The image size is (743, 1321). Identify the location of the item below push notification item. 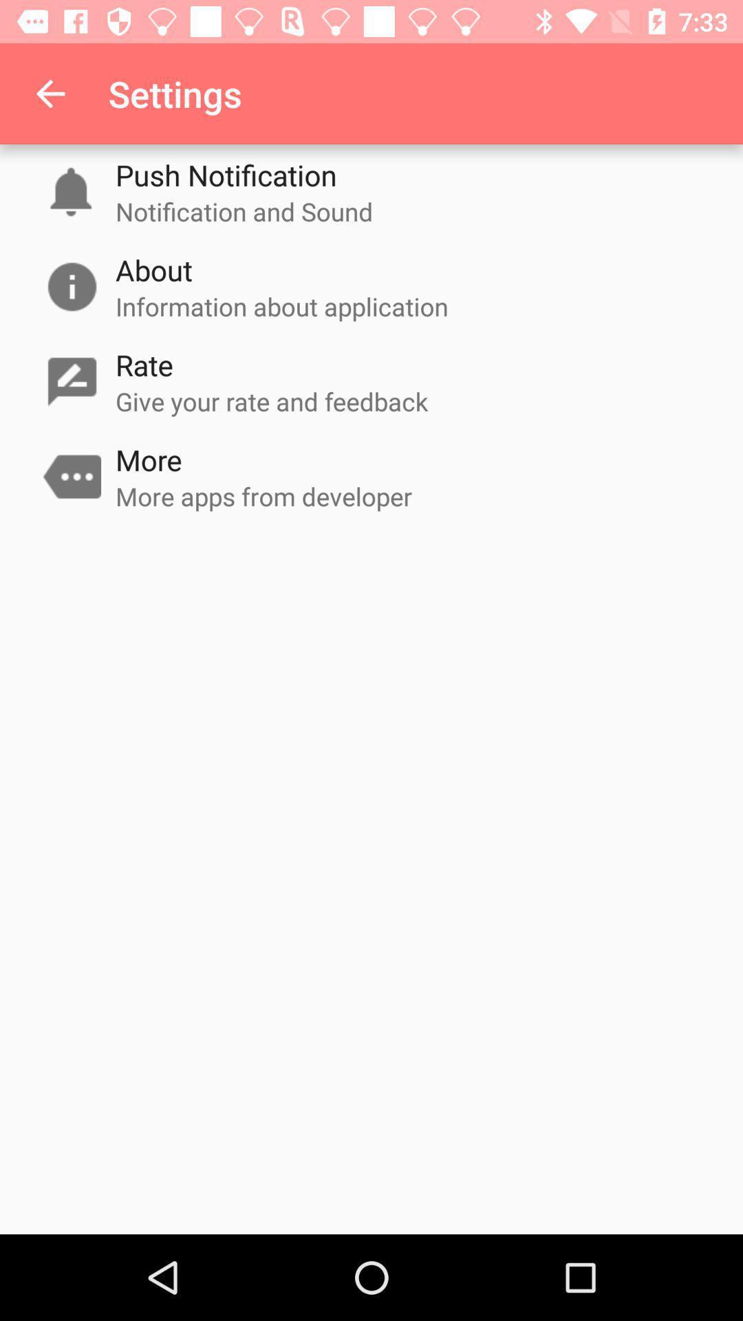
(244, 211).